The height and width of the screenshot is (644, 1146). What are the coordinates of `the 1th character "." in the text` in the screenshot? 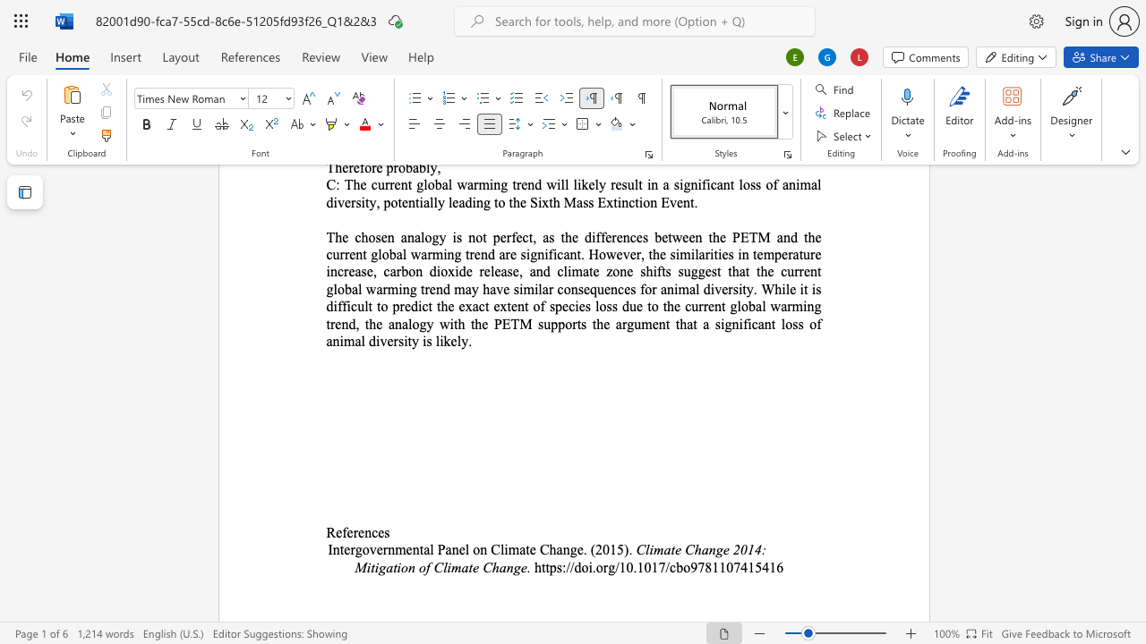 It's located at (594, 567).